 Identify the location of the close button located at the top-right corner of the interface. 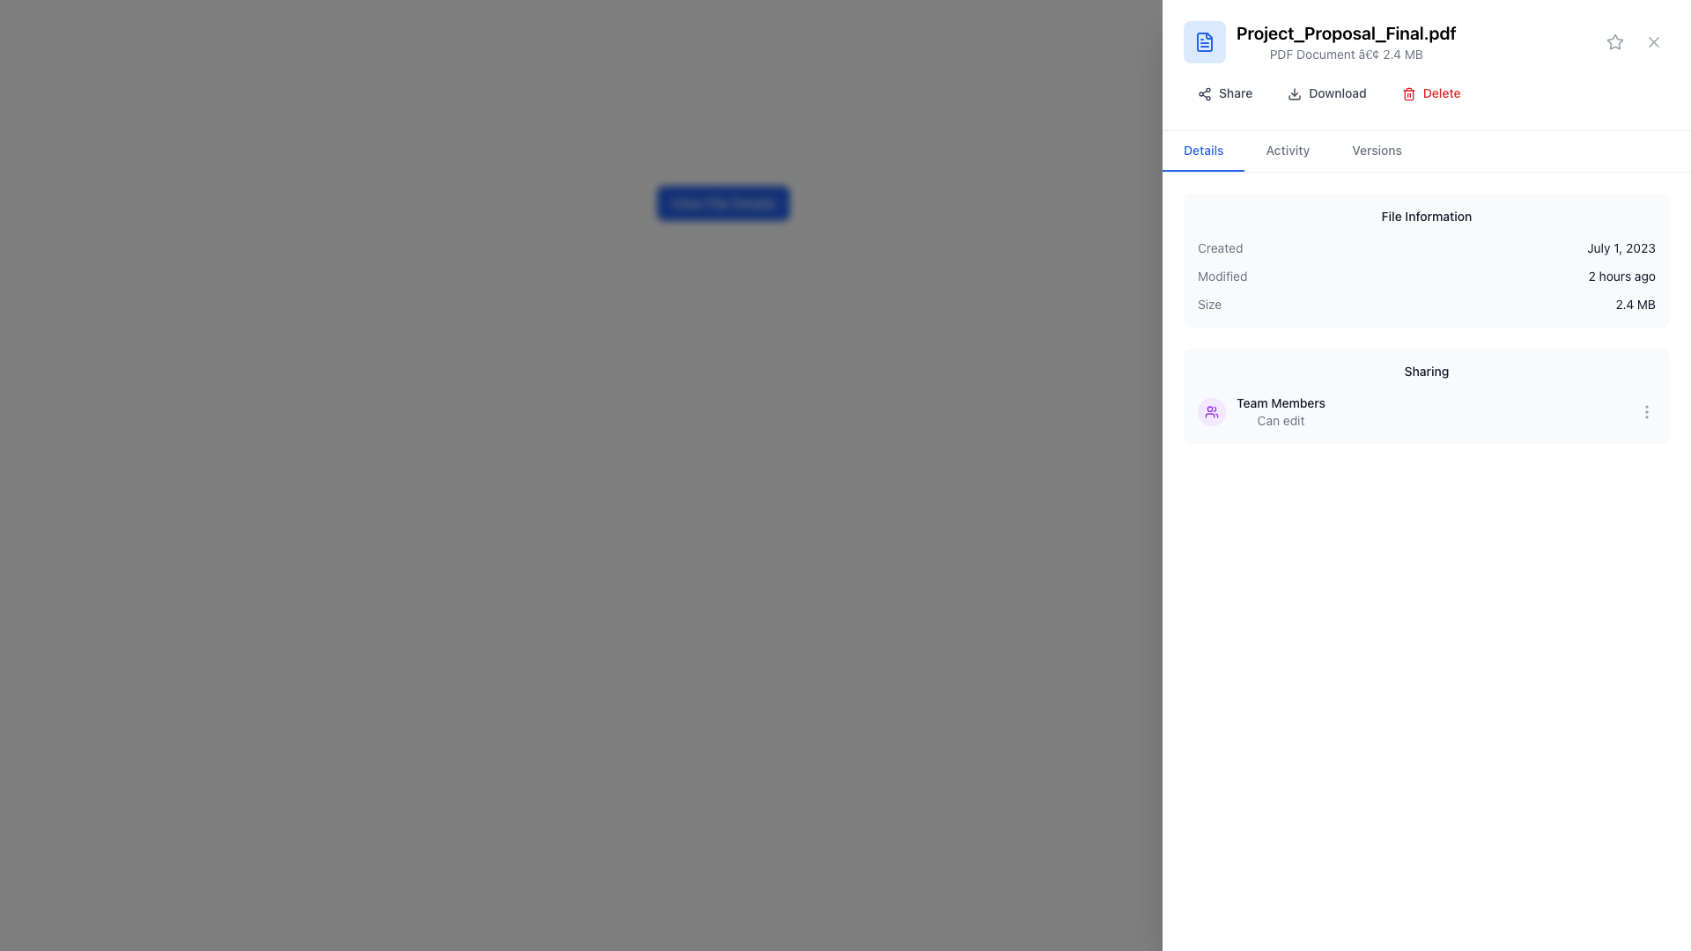
(1652, 41).